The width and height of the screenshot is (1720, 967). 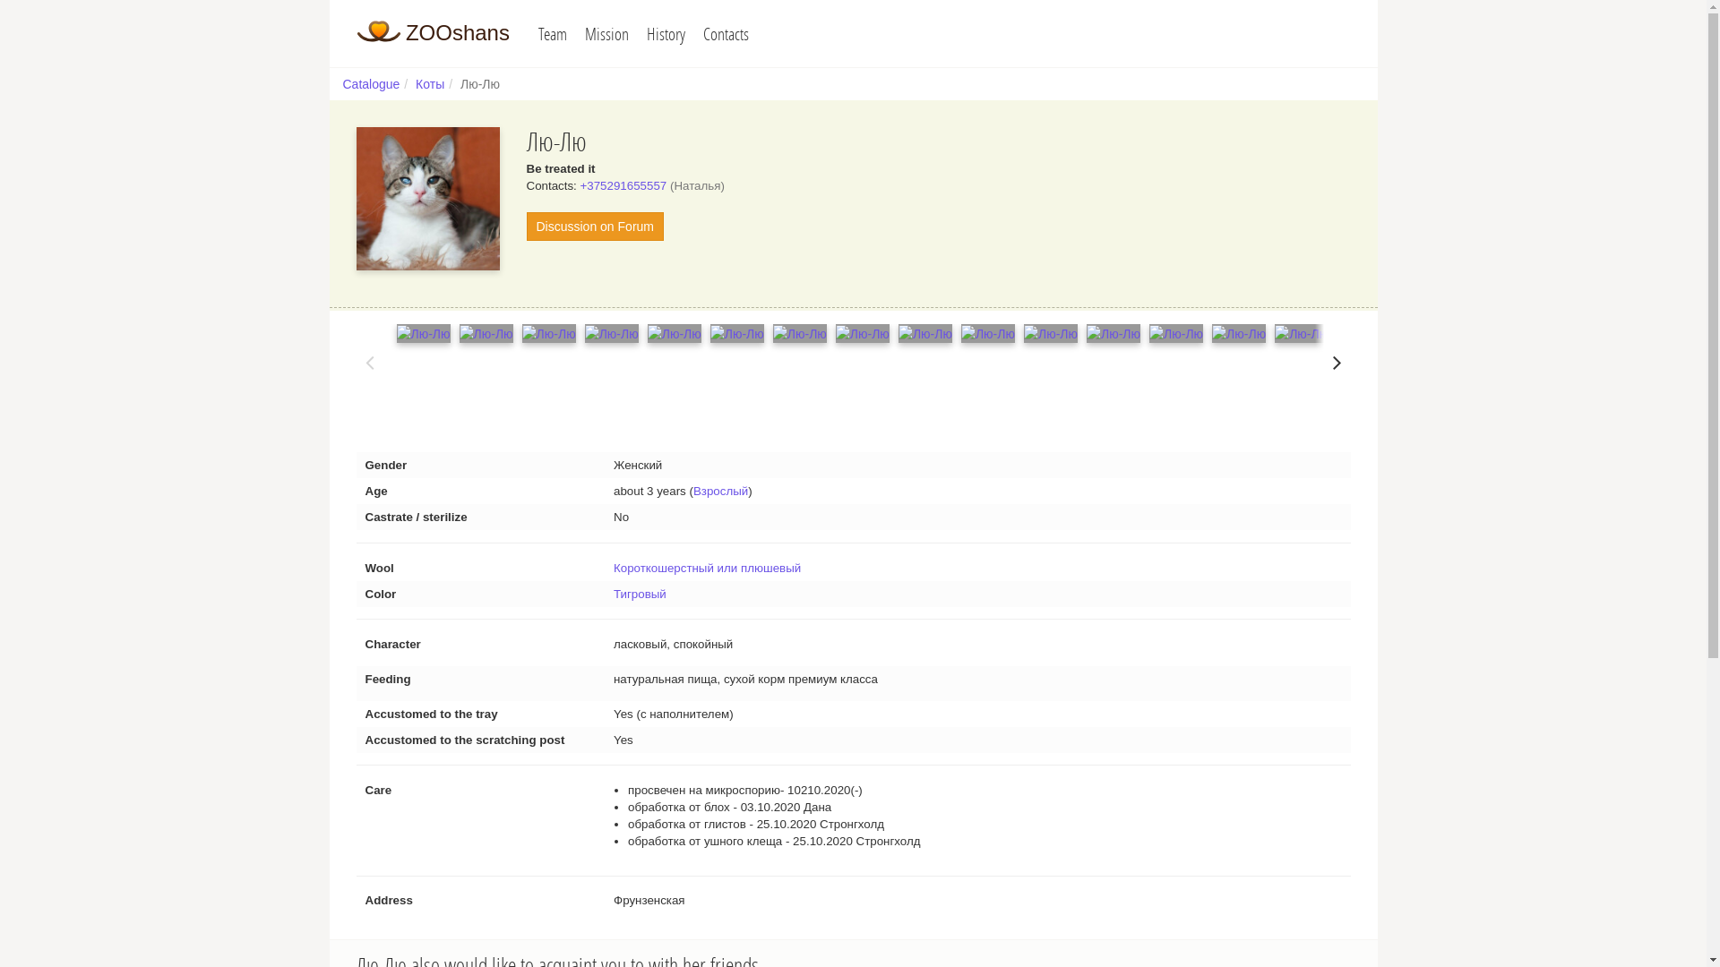 I want to click on 'History', so click(x=665, y=33).